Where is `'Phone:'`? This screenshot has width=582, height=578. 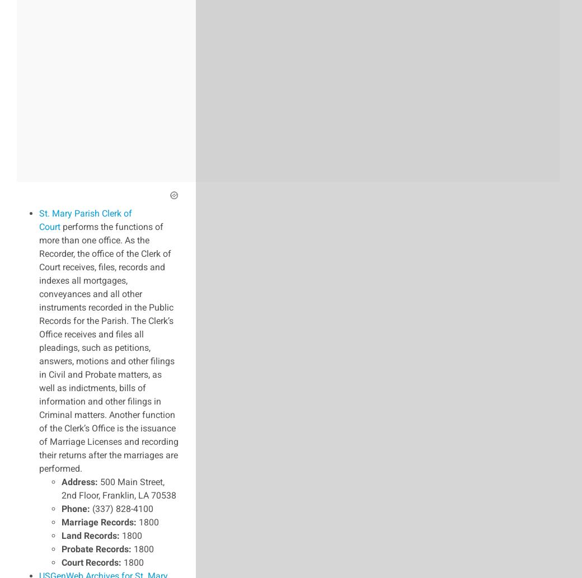
'Phone:' is located at coordinates (76, 507).